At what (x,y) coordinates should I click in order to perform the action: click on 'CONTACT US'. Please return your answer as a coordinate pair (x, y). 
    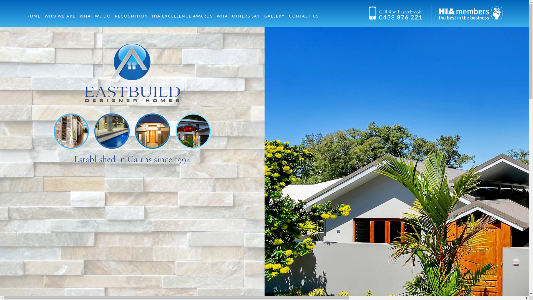
    Looking at the image, I should click on (303, 16).